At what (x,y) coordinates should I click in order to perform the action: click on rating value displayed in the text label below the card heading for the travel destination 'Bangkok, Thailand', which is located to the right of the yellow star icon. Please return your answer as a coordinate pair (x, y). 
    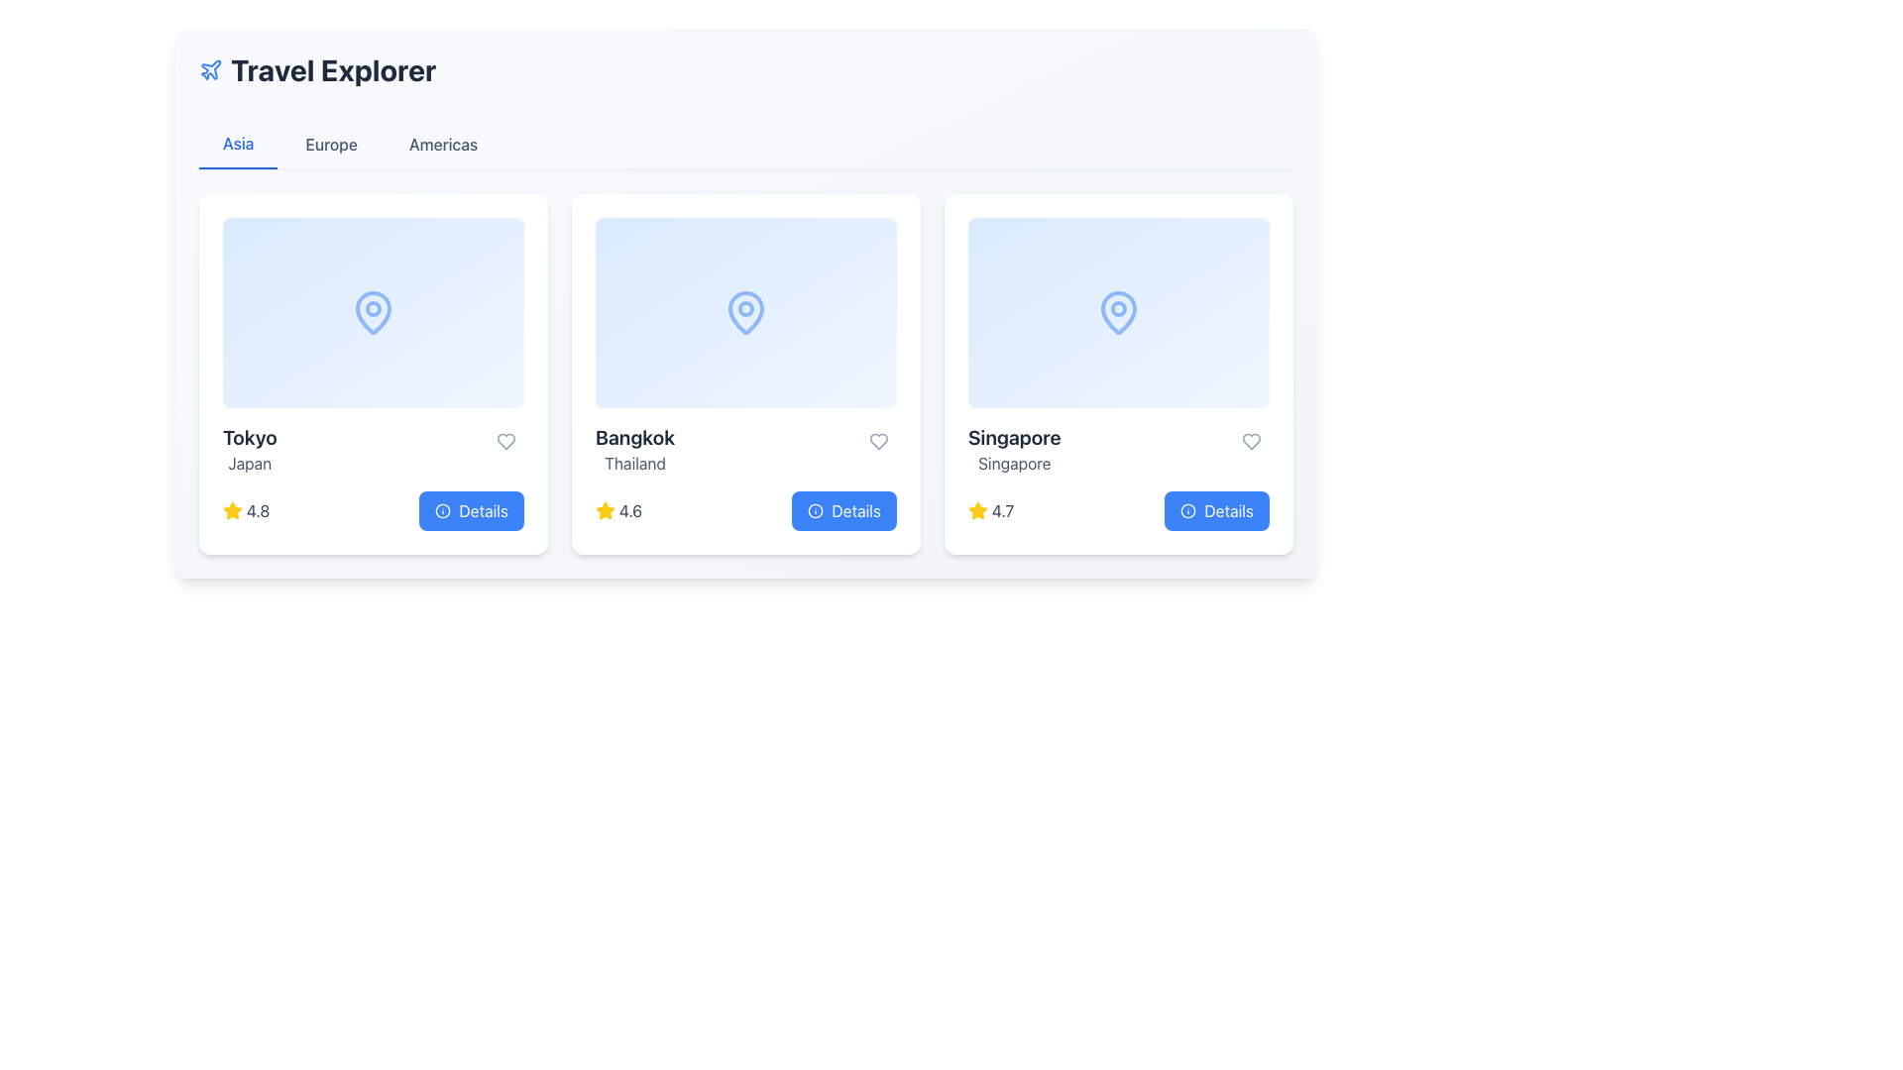
    Looking at the image, I should click on (629, 510).